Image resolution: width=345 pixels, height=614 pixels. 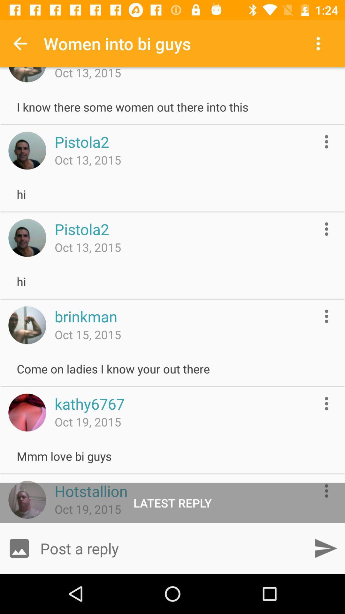 What do you see at coordinates (326, 229) in the screenshot?
I see `more options` at bounding box center [326, 229].